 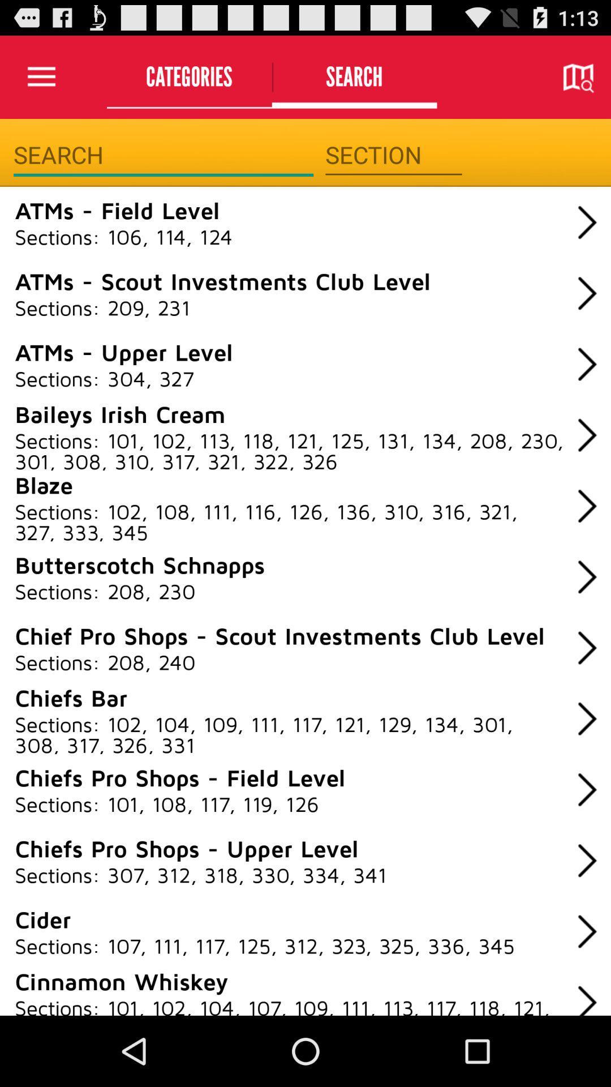 I want to click on section filter, so click(x=393, y=155).